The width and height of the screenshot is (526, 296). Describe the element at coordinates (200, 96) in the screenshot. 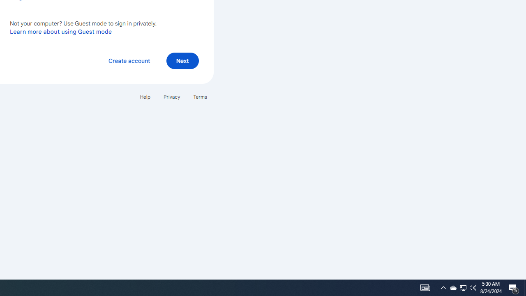

I see `'Terms'` at that location.